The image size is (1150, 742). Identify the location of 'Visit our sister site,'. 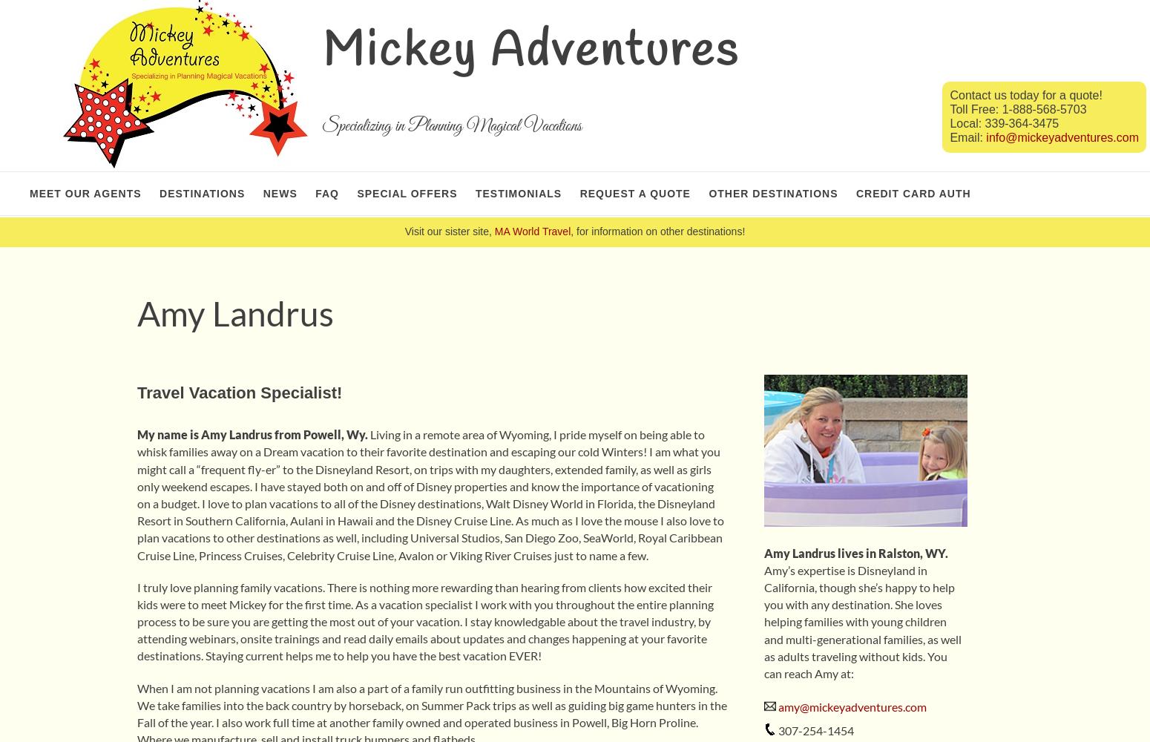
(449, 232).